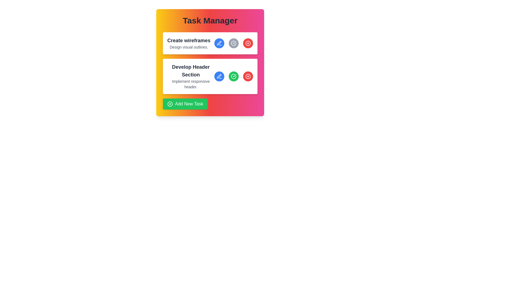 This screenshot has width=531, height=298. Describe the element at coordinates (233, 76) in the screenshot. I see `the circular green button with a white checkmark symbol to mark the task as complete, located in the second row of the task list interface next to the text 'Develop Header Section'` at that location.